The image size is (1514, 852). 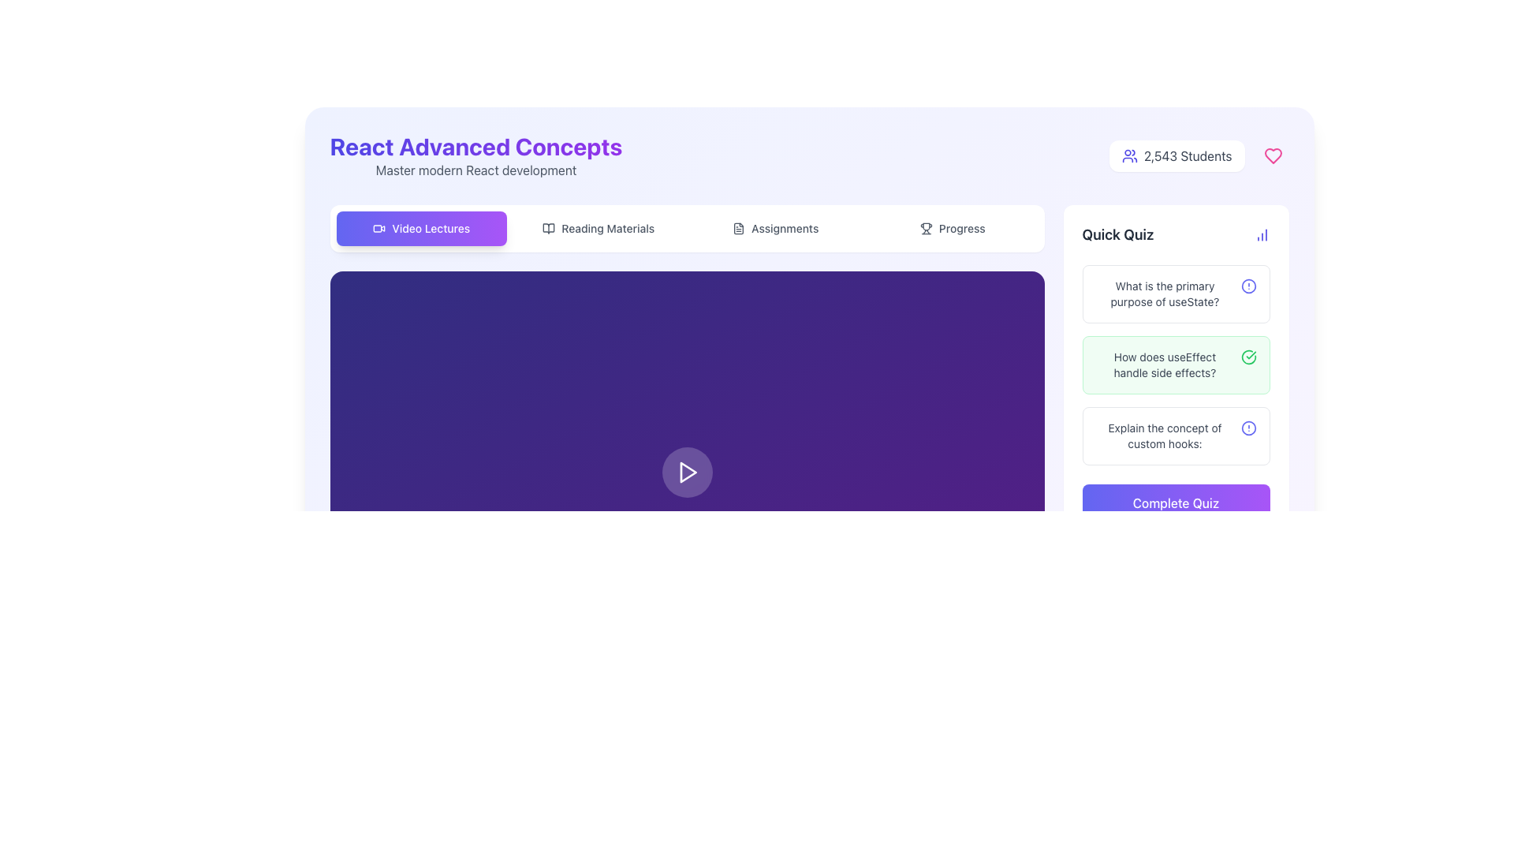 I want to click on the interactive card labeled 'Explain the concept of custom hooks:' in the 'Quick Quiz' section, so click(x=1176, y=435).